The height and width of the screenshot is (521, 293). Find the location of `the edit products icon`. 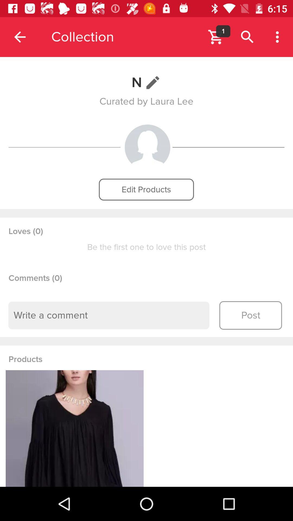

the edit products icon is located at coordinates (146, 189).